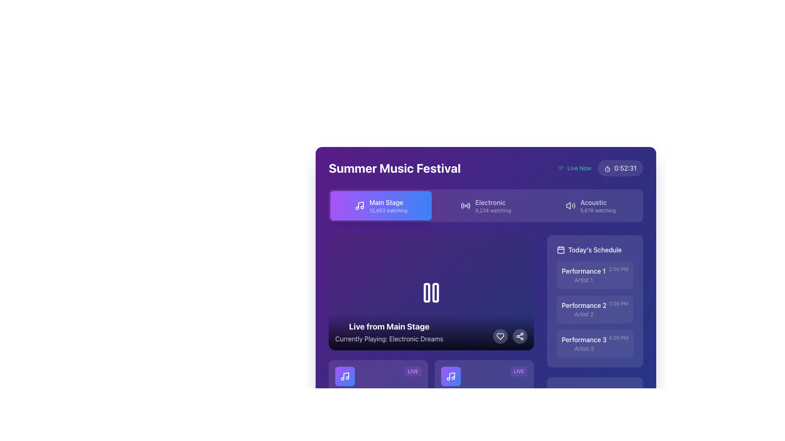 Image resolution: width=785 pixels, height=441 pixels. What do you see at coordinates (561, 249) in the screenshot?
I see `the SVG rectangle that represents the main body of the calendar icon located in the top-right portion of the interface, associated with the 'Today's Schedule' section` at bounding box center [561, 249].